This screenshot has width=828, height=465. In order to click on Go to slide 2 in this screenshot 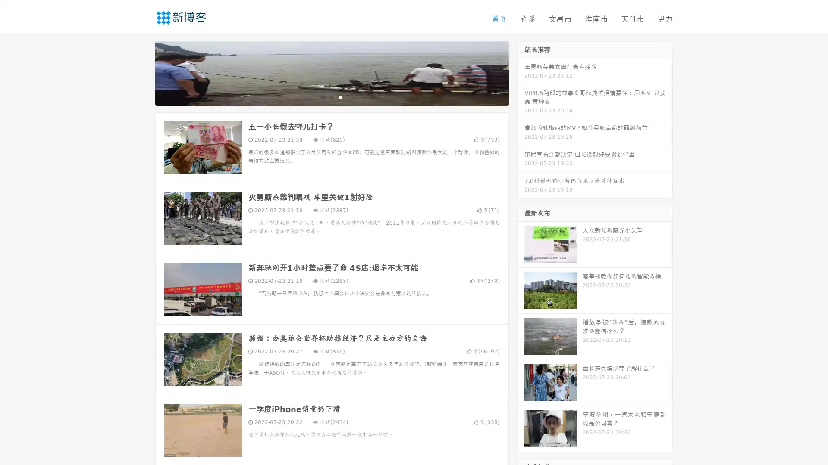, I will do `click(331, 97)`.